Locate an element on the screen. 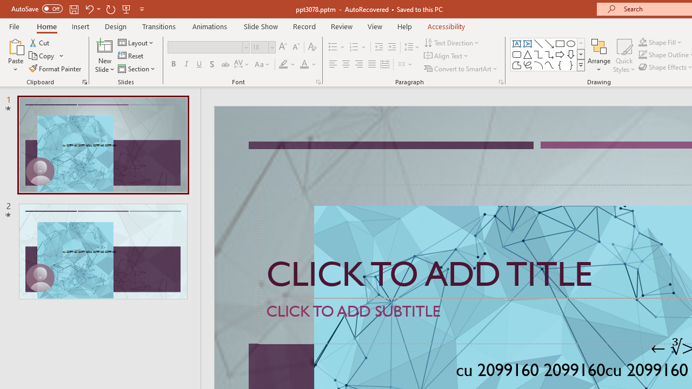 Image resolution: width=692 pixels, height=389 pixels. 'Paste' is located at coordinates (15, 56).